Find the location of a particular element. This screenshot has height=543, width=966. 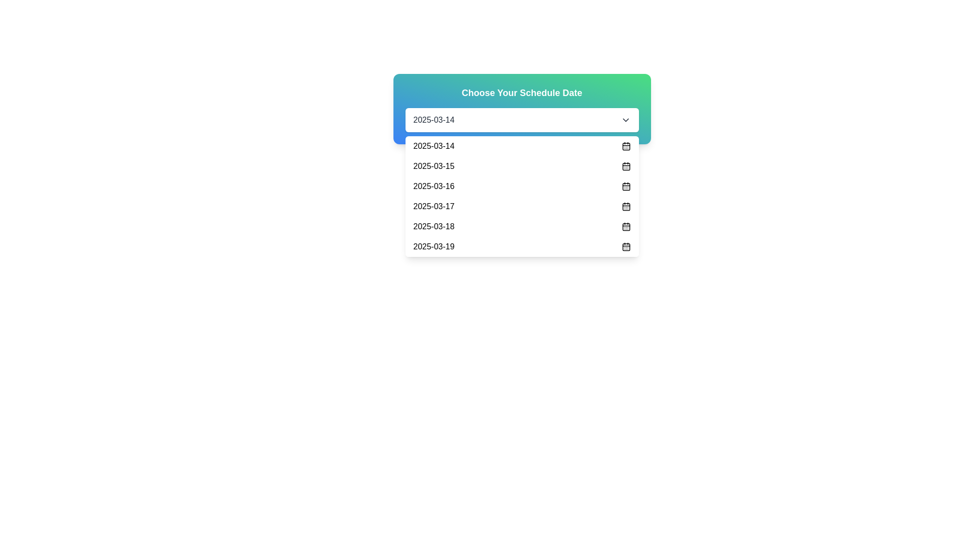

the text display element showing '2025-03-14' within the dropdown interface under the header 'Choose Your Schedule Date' is located at coordinates (434, 120).